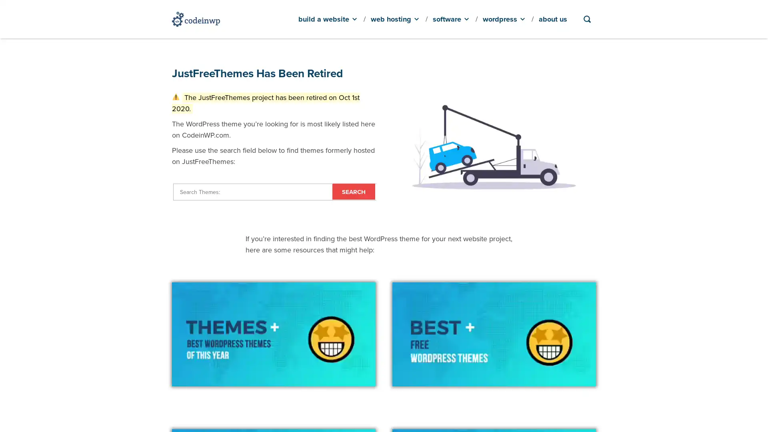  What do you see at coordinates (353, 191) in the screenshot?
I see `Search` at bounding box center [353, 191].